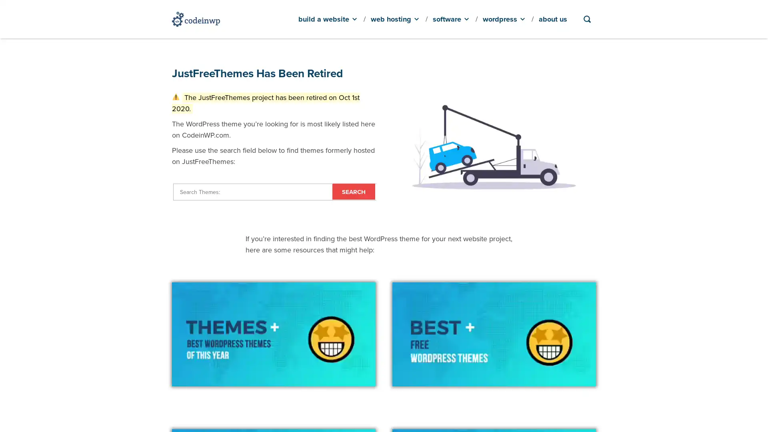  What do you see at coordinates (353, 191) in the screenshot?
I see `Search` at bounding box center [353, 191].